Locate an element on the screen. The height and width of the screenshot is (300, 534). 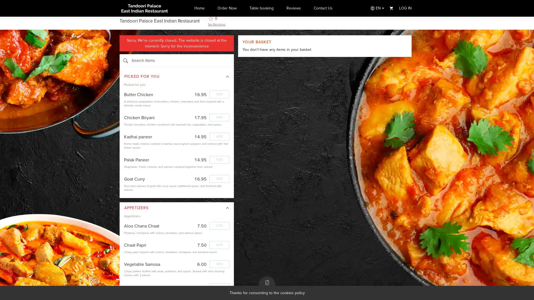
icon: right PICKED FOR YOU is located at coordinates (176, 77).